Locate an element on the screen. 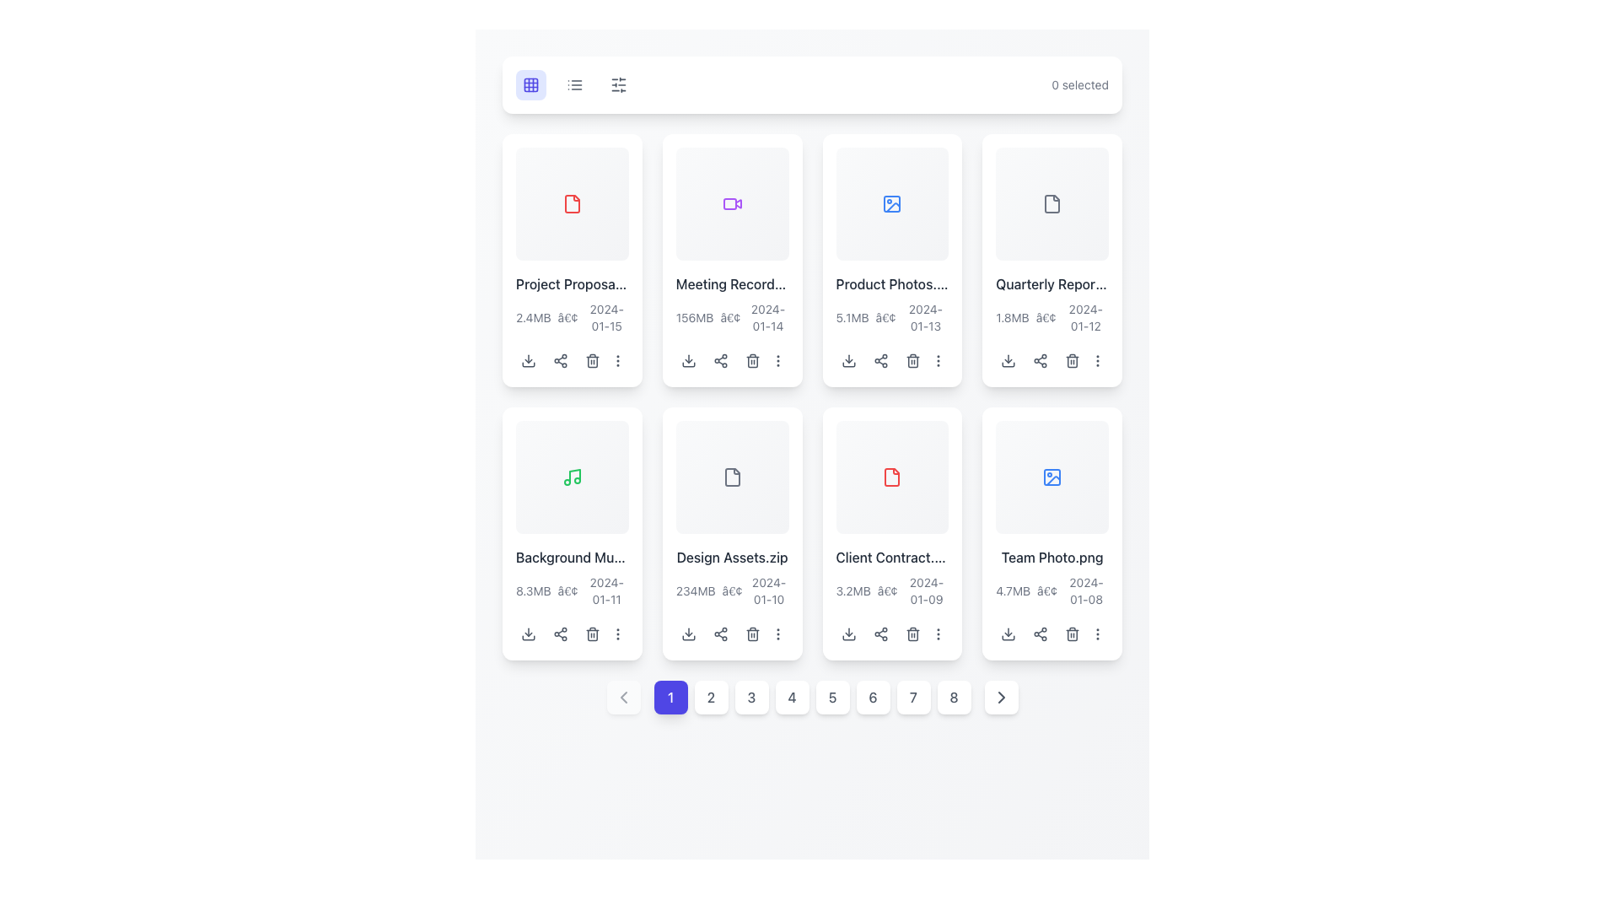 The height and width of the screenshot is (911, 1619). the download button for the 'Meeting Recording.mp4' file to change its background color is located at coordinates (688, 359).